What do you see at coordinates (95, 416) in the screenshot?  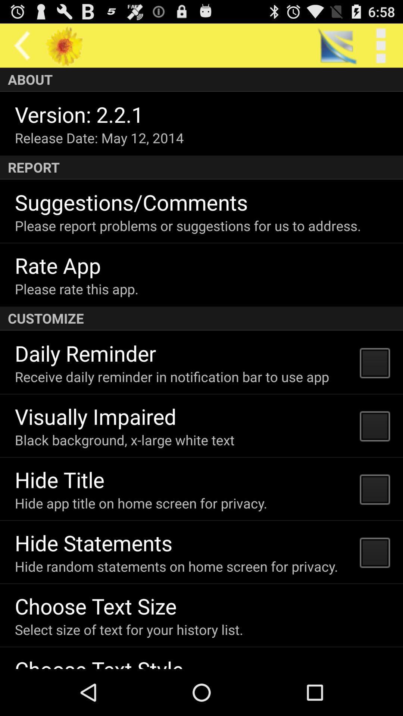 I see `visually impaired` at bounding box center [95, 416].